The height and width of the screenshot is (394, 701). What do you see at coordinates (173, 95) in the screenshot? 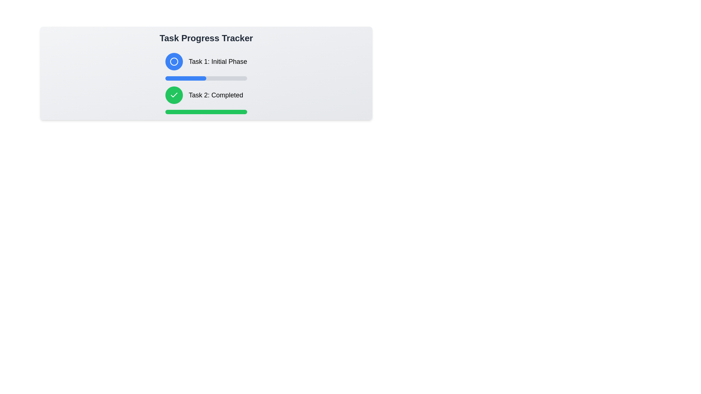
I see `the green circular icon with a white checkmark in its center, which indicates a completed task, located to the left of the text 'Task 2: Completed'` at bounding box center [173, 95].